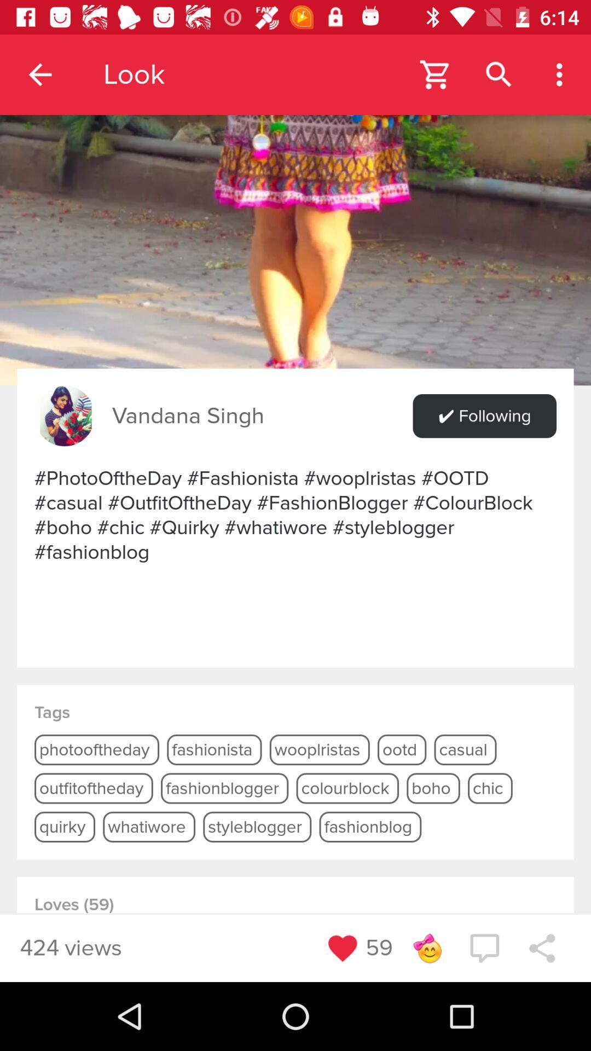 The image size is (591, 1051). Describe the element at coordinates (39, 74) in the screenshot. I see `the item to the left of the look app` at that location.